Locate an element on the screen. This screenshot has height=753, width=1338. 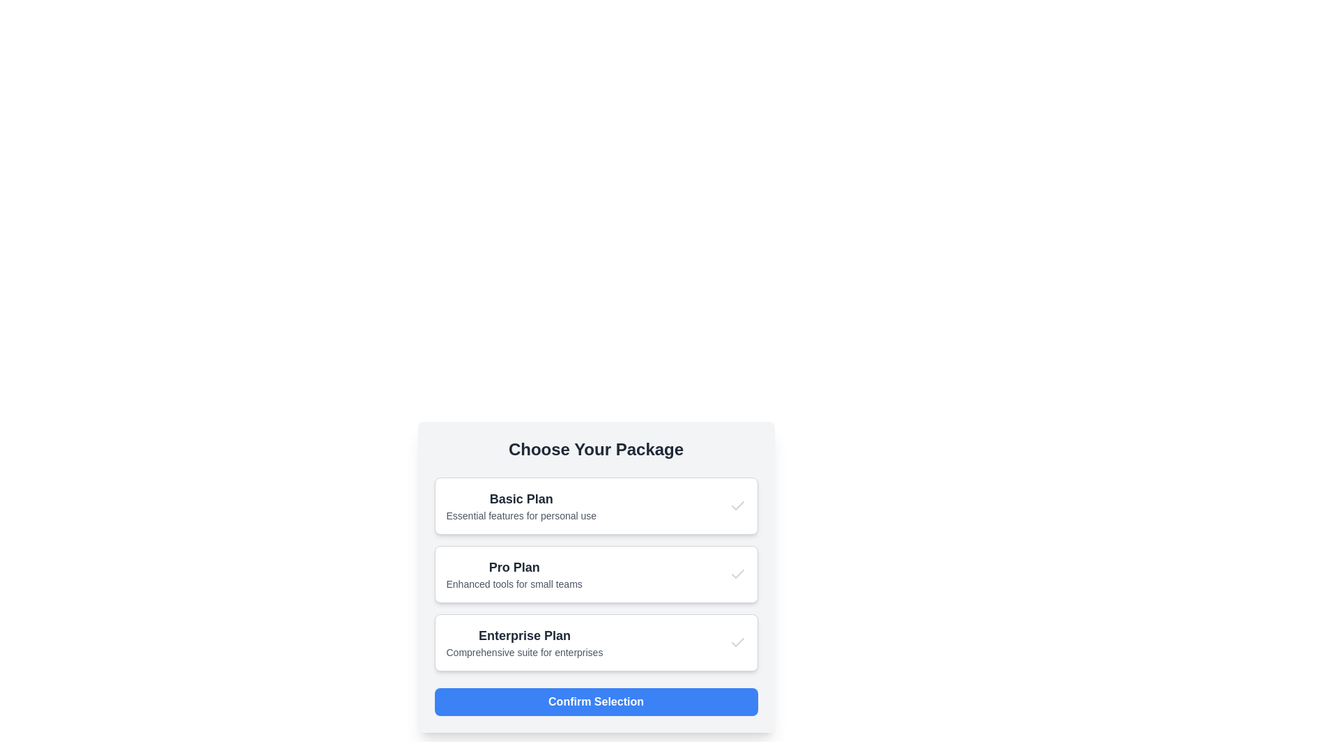
the checkbox on the 'Pro Plan' selection card located under the 'Basic Plan' and above the 'Enterprise Plan' in the 'Choose Your Package' section is located at coordinates (596, 575).